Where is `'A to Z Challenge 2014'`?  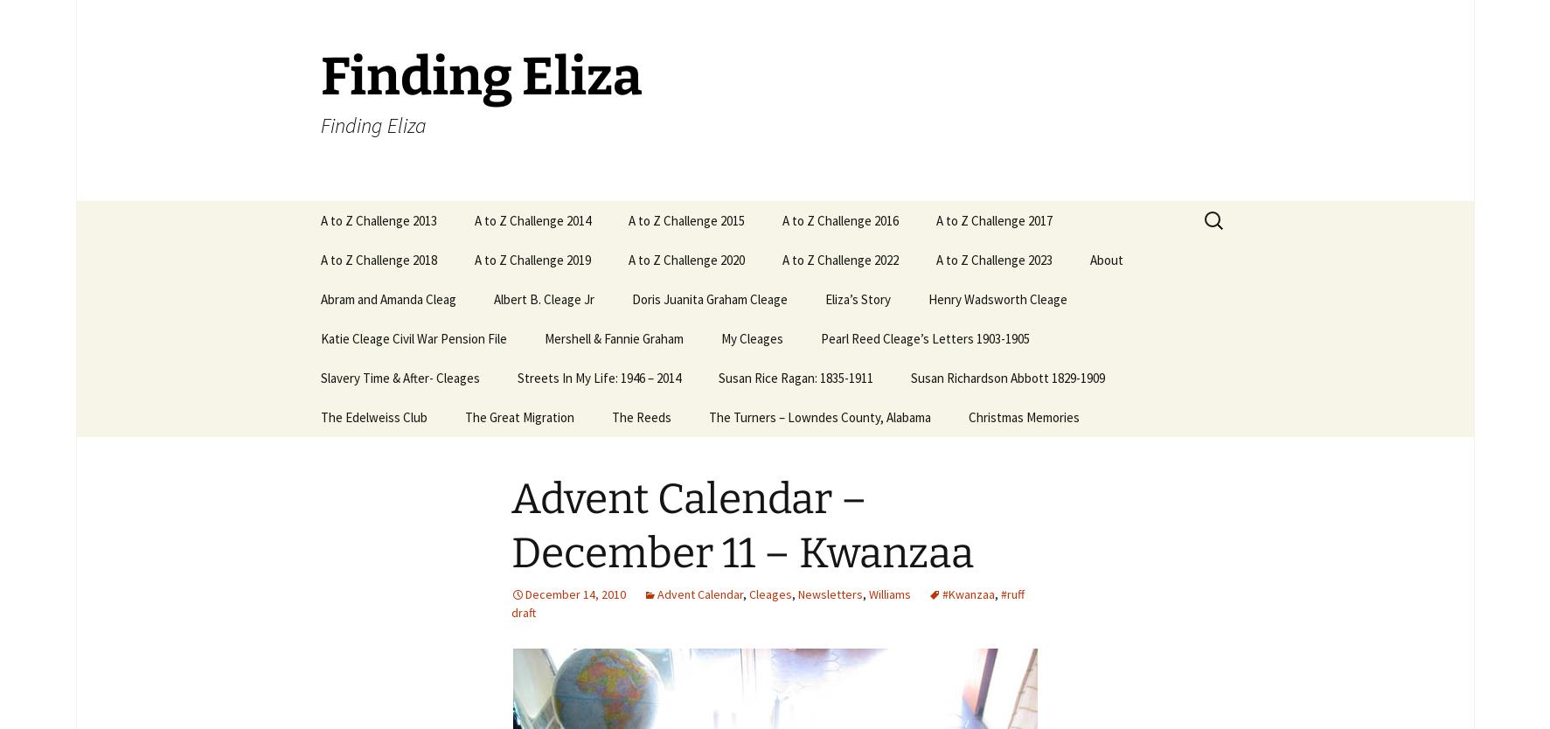
'A to Z Challenge 2014' is located at coordinates (531, 219).